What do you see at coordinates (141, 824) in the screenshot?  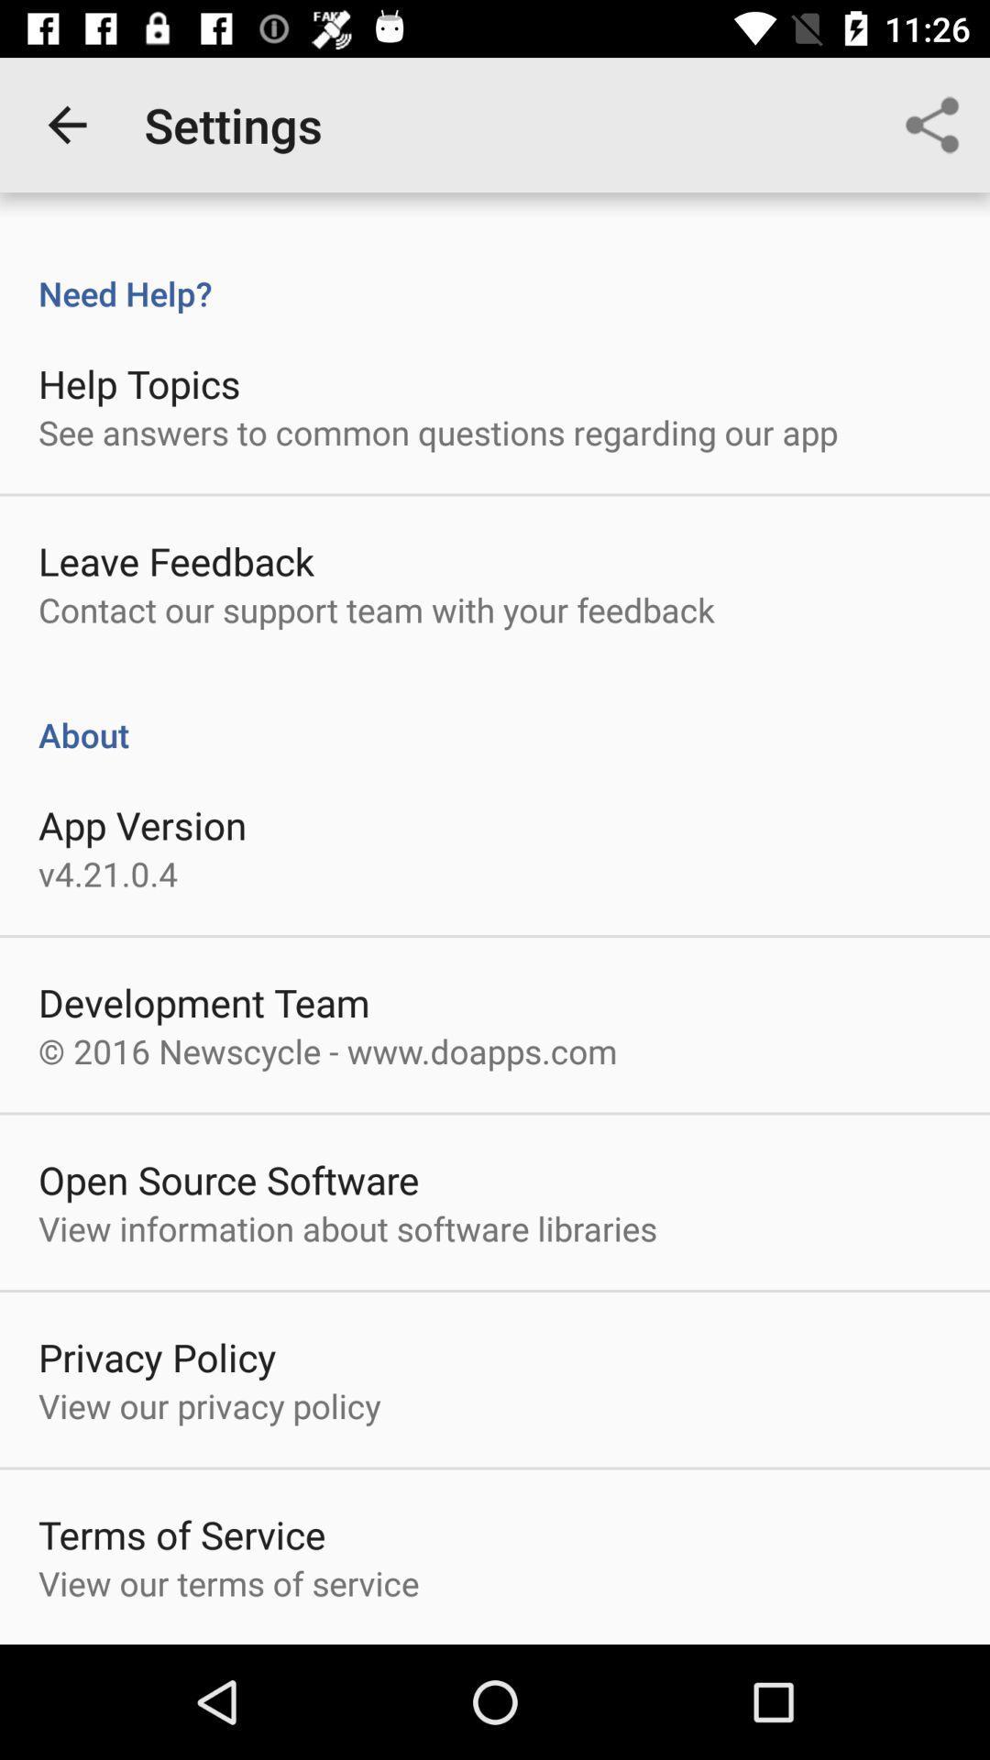 I see `item above v4 21 0 icon` at bounding box center [141, 824].